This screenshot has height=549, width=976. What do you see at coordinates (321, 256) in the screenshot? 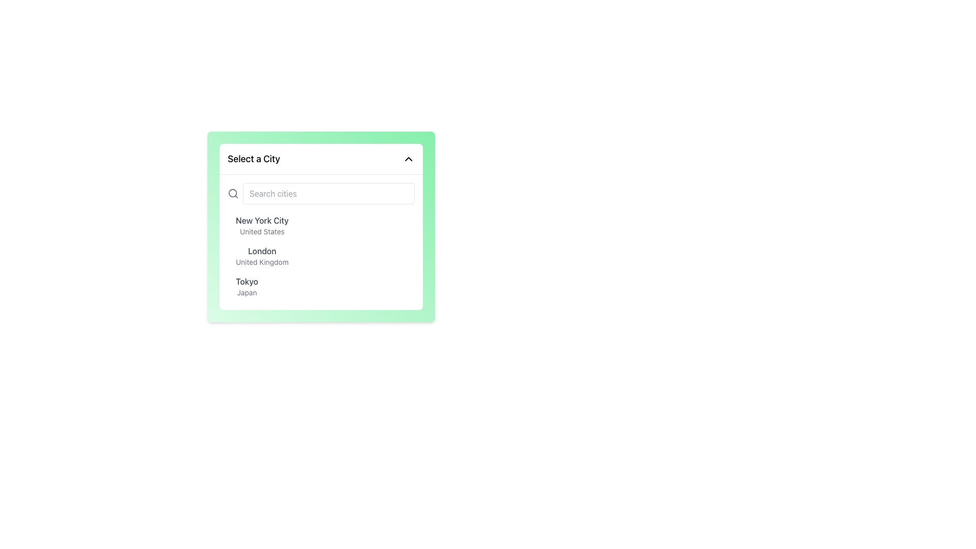
I see `the second item in the city and country list dropdown, which is located below 'New York City, United States' and above 'Tokyo, Japan'` at bounding box center [321, 256].